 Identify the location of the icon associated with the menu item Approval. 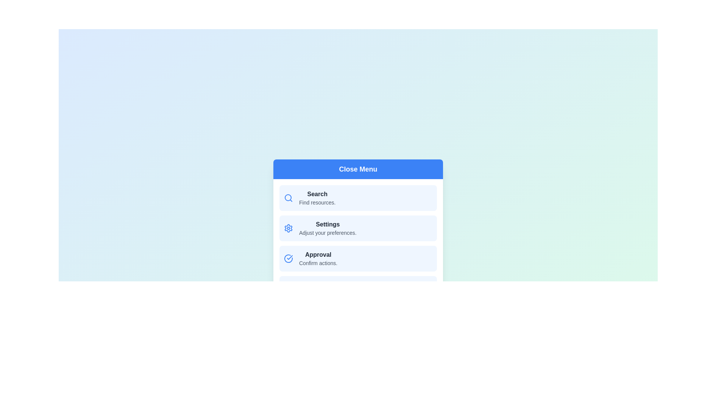
(288, 258).